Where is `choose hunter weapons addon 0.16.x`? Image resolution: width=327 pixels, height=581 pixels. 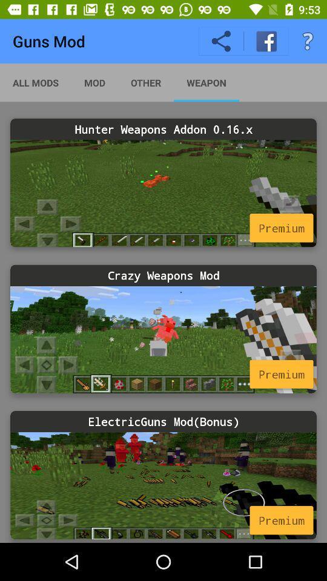
choose hunter weapons addon 0.16.x is located at coordinates (163, 193).